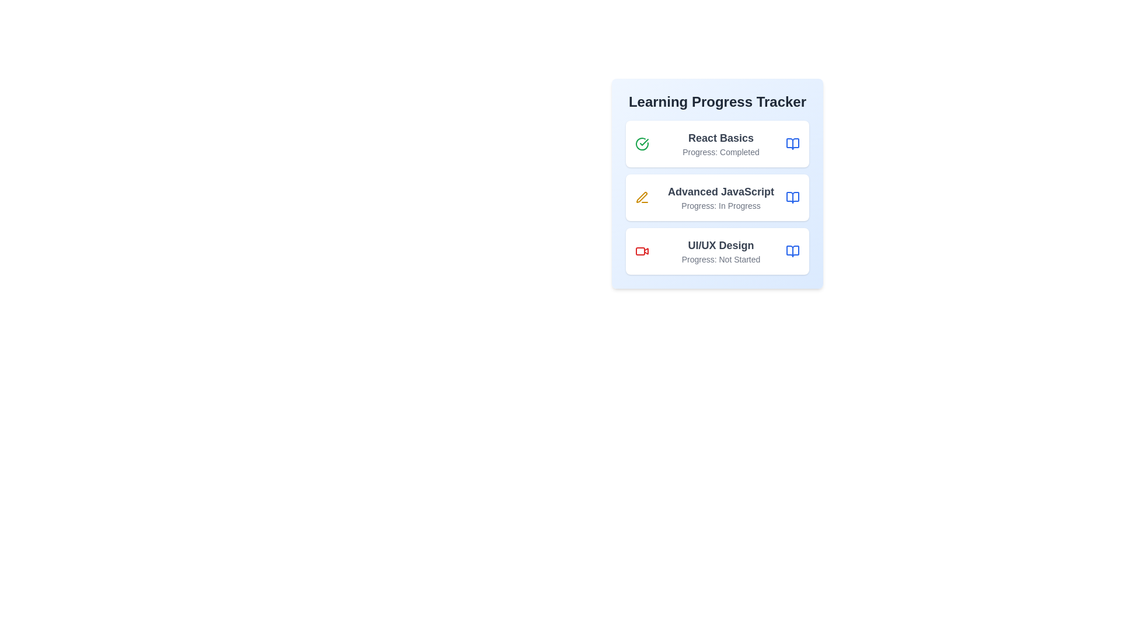  What do you see at coordinates (641, 197) in the screenshot?
I see `the progress icon for Advanced JavaScript` at bounding box center [641, 197].